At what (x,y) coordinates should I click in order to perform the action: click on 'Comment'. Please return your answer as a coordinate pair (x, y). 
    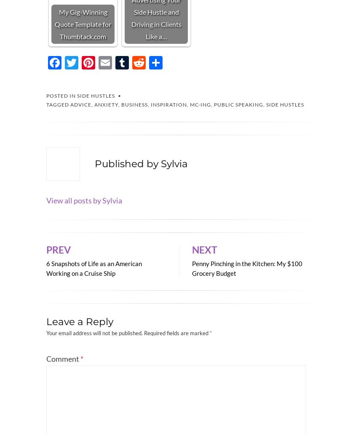
    Looking at the image, I should click on (63, 358).